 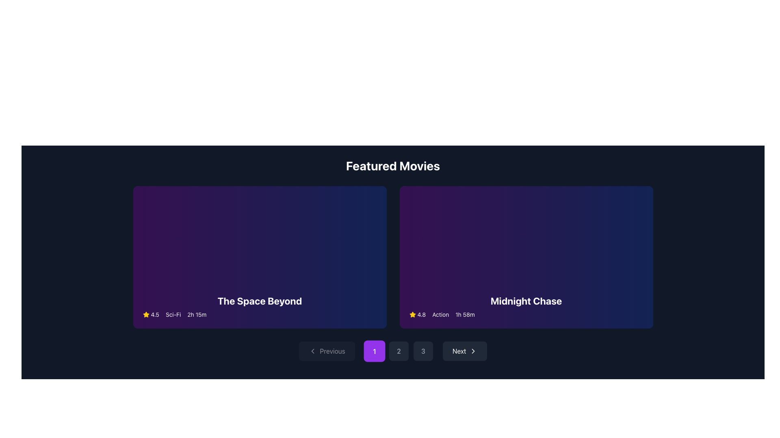 What do you see at coordinates (412, 314) in the screenshot?
I see `the rating indicator icon located on the far left of the rating value text in the 'Midnight Chase' card` at bounding box center [412, 314].